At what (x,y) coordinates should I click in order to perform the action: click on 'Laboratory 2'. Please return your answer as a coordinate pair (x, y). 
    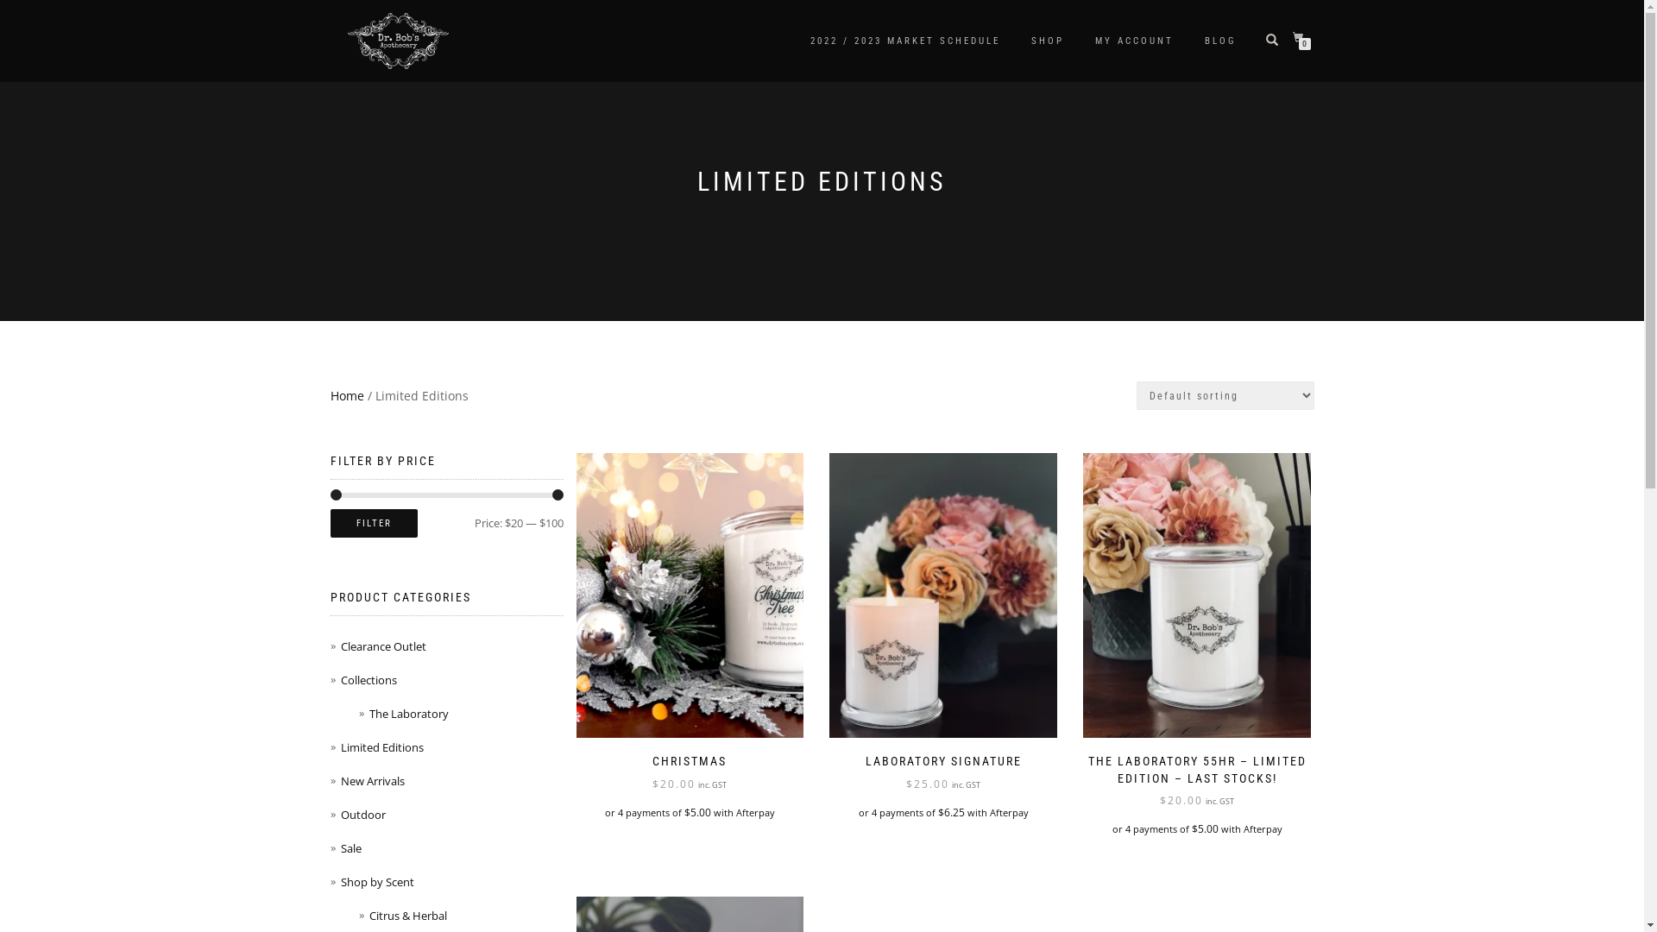
    Looking at the image, I should click on (1196, 595).